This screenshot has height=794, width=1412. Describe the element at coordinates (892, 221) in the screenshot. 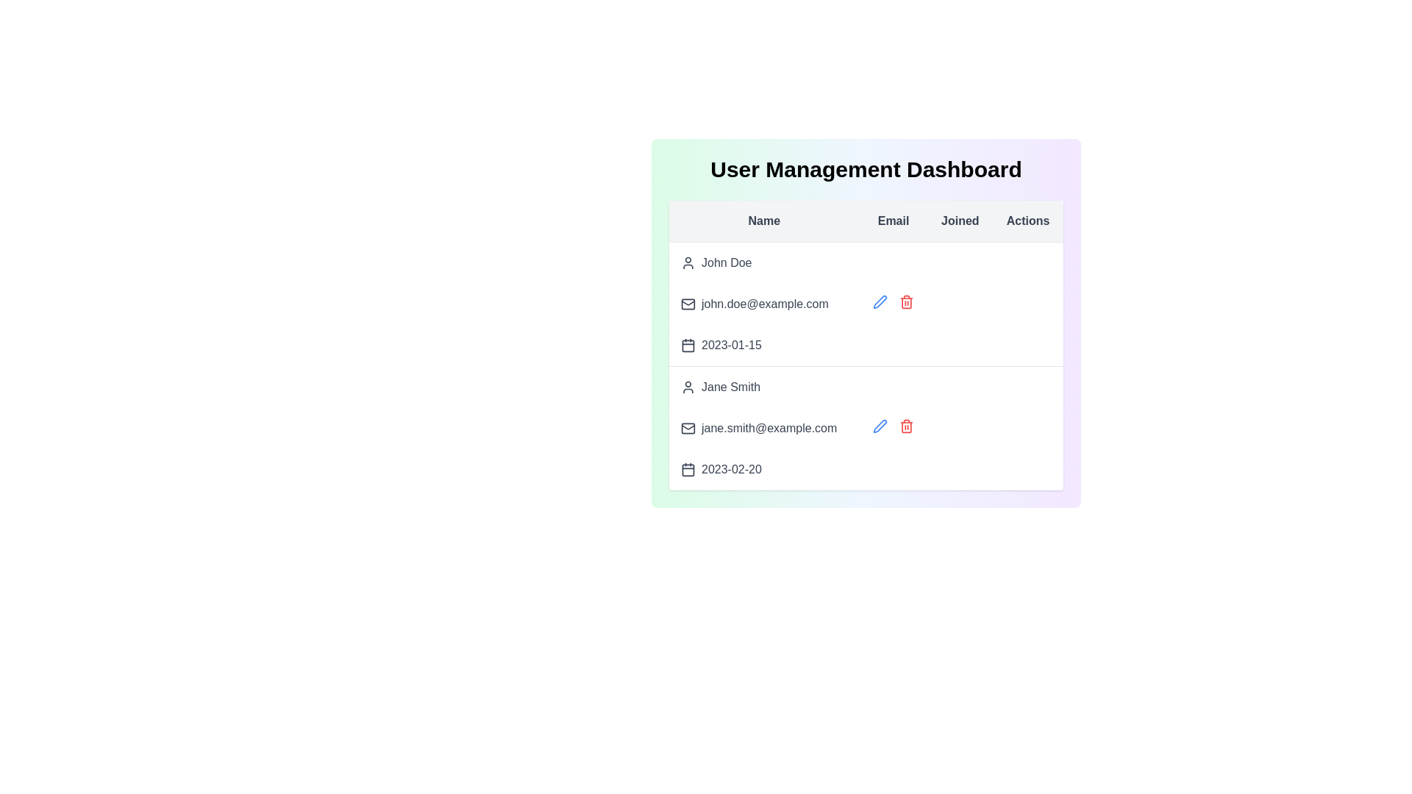

I see `the table header Email to sort the table by that column` at that location.